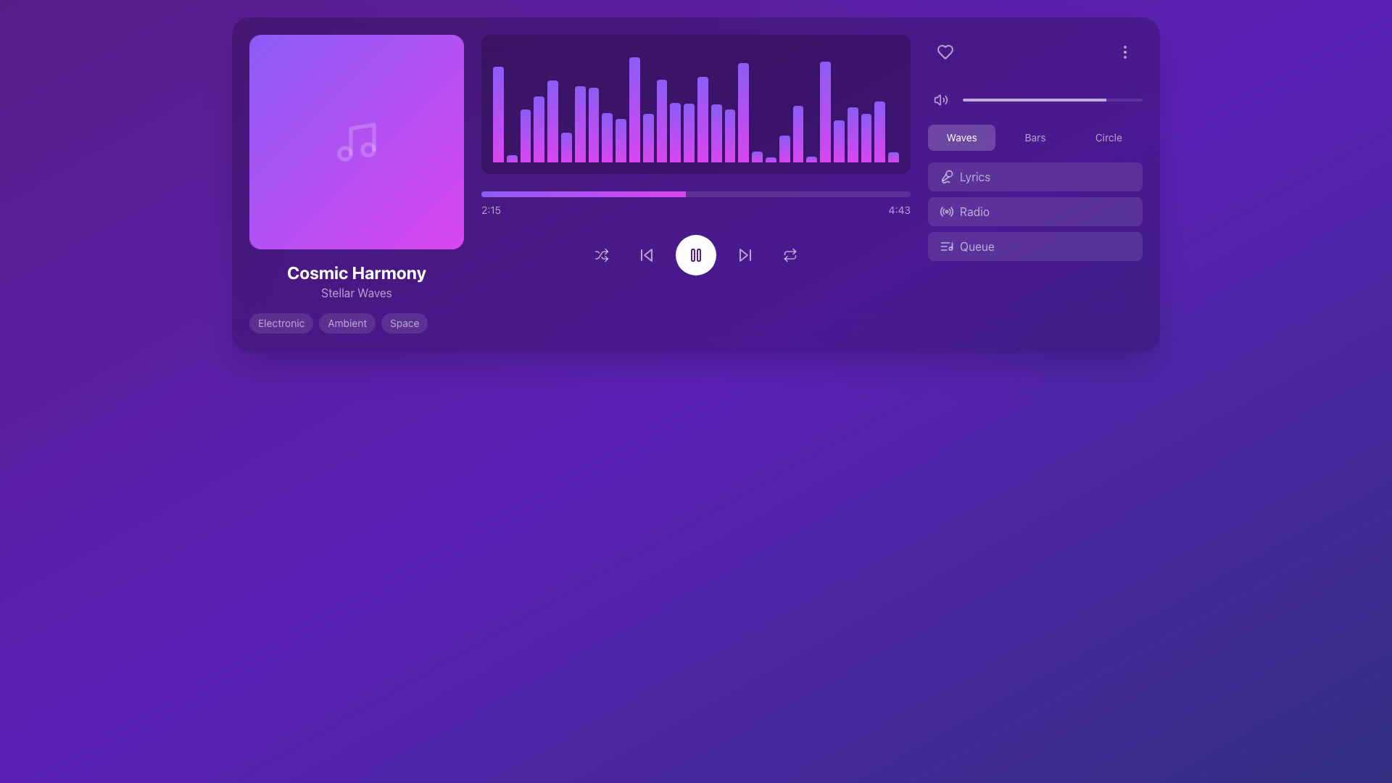  Describe the element at coordinates (648, 193) in the screenshot. I see `the progress bar value` at that location.